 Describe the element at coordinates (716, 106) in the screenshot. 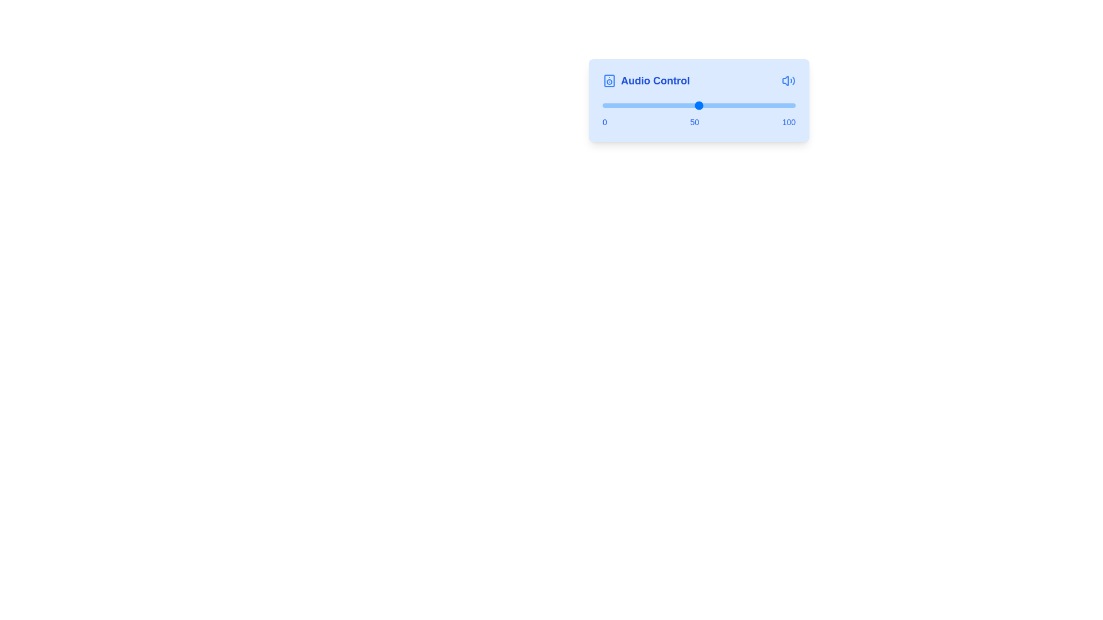

I see `the volume` at that location.